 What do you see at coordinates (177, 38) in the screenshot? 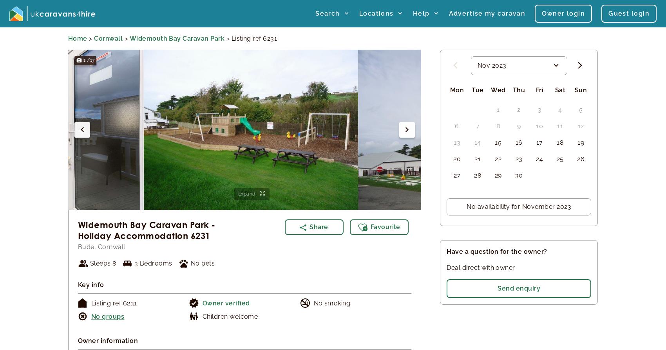
I see `'Widemouth Bay Caravan Park'` at bounding box center [177, 38].